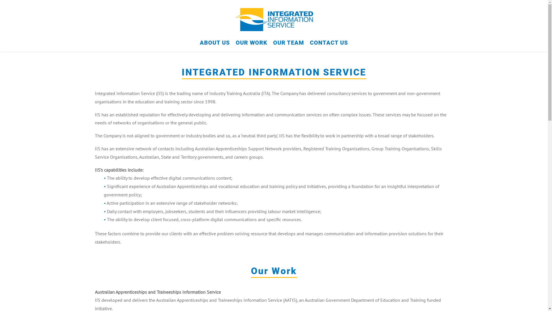 This screenshot has height=311, width=552. I want to click on 'ABOUT US', so click(214, 45).